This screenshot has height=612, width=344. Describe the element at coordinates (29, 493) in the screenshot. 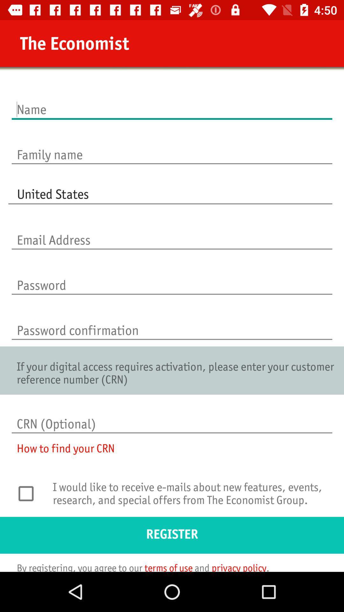

I see `i accept` at that location.